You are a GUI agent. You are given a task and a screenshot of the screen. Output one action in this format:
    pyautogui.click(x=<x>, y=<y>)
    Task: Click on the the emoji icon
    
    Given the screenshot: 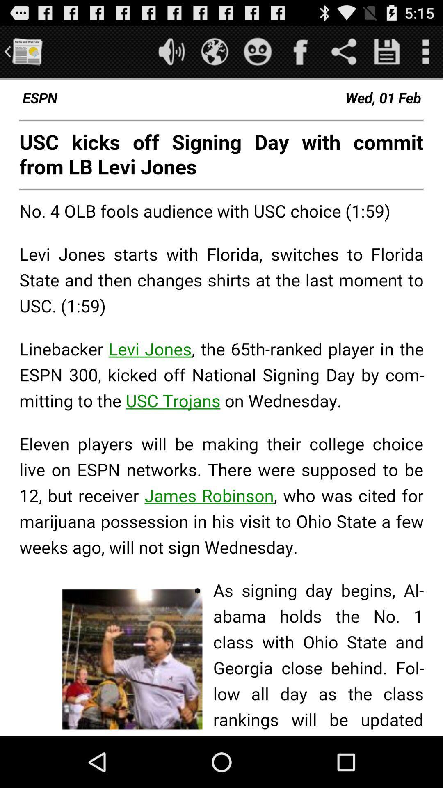 What is the action you would take?
    pyautogui.click(x=257, y=55)
    